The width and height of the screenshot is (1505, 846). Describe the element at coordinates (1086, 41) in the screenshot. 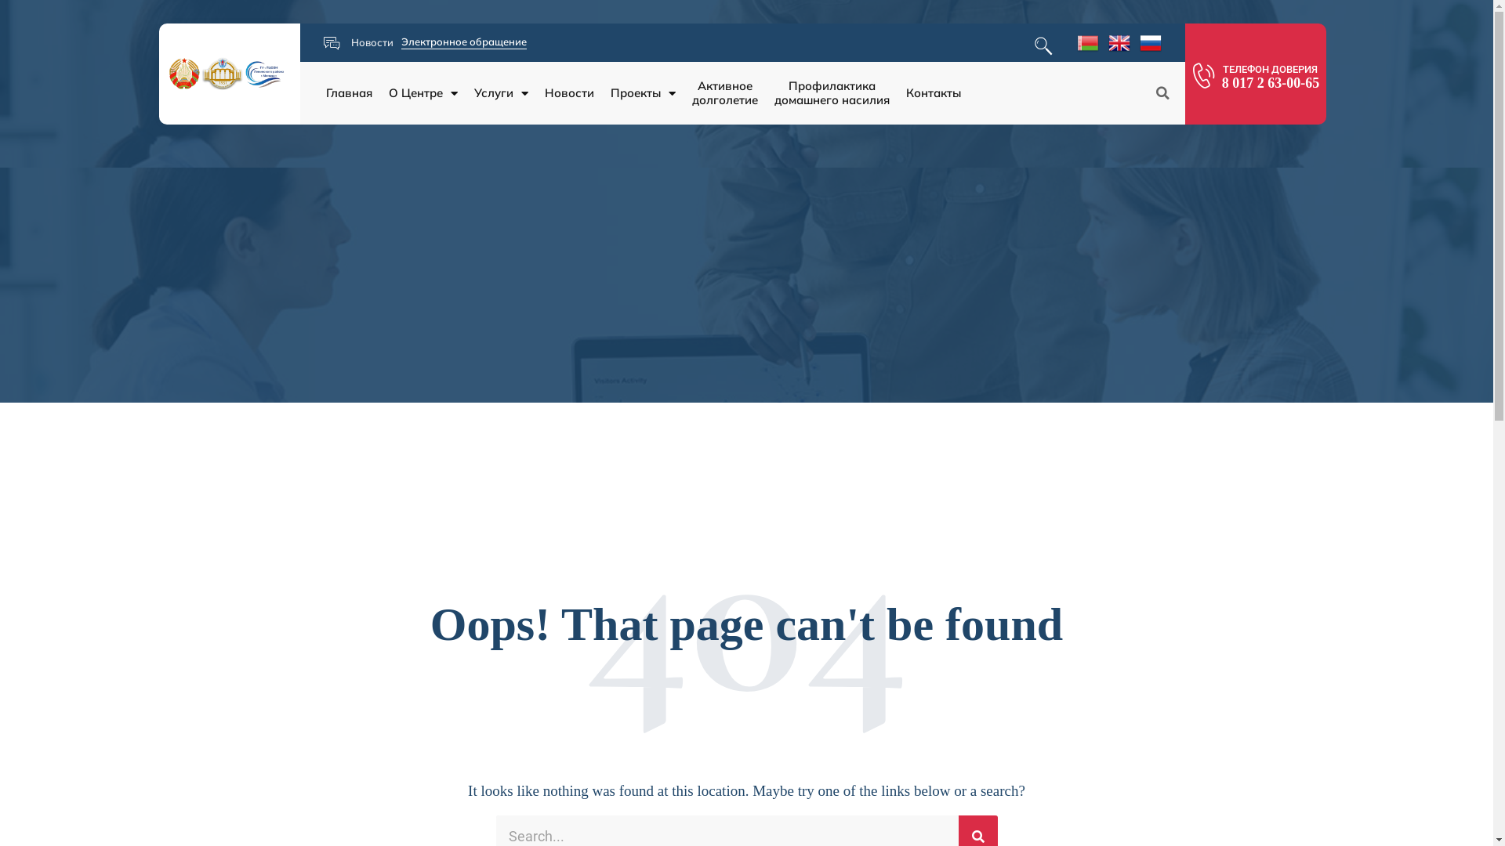

I see `'Belarusian'` at that location.